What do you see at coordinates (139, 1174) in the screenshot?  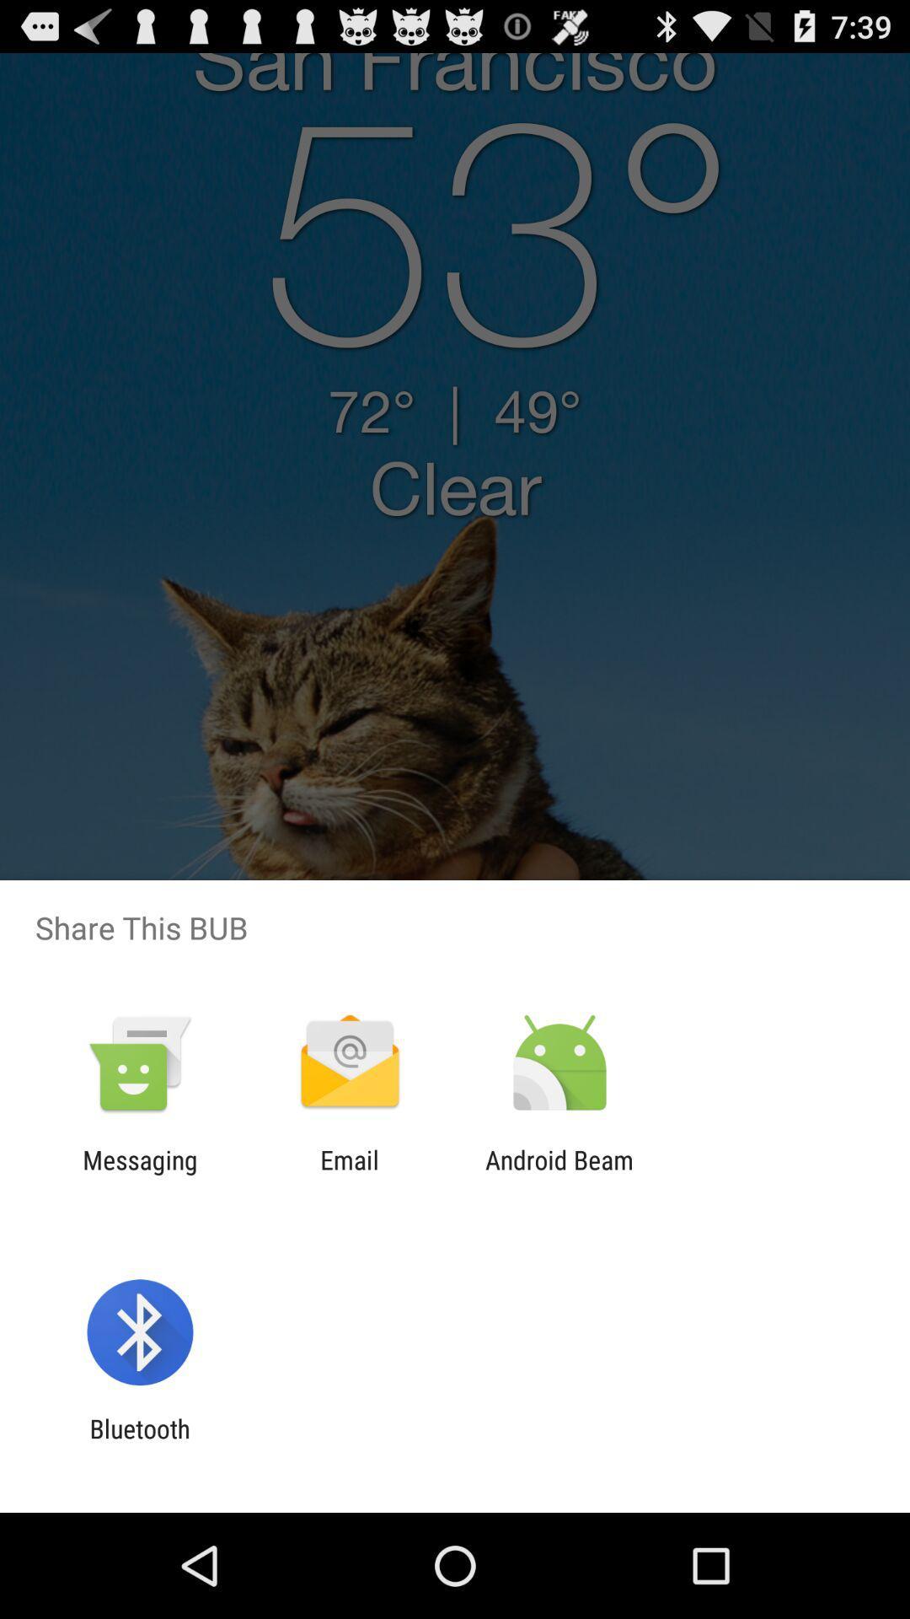 I see `the messaging app` at bounding box center [139, 1174].